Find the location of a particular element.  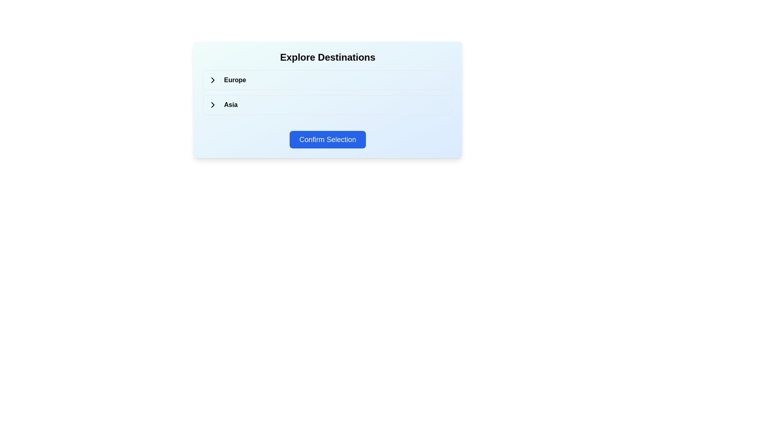

the right-pointing chevron arrow icon located in the first row of the 'Explore Destinations' list, to the left of the text 'Europe.' is located at coordinates (213, 80).